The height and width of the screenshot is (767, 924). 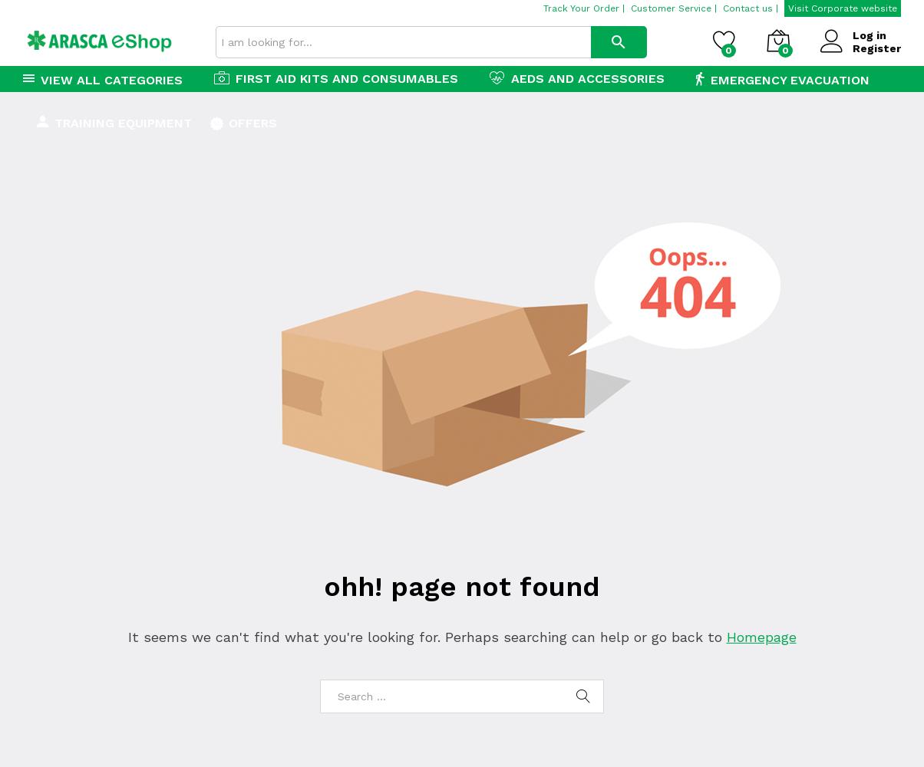 What do you see at coordinates (581, 8) in the screenshot?
I see `'Track Your Order'` at bounding box center [581, 8].